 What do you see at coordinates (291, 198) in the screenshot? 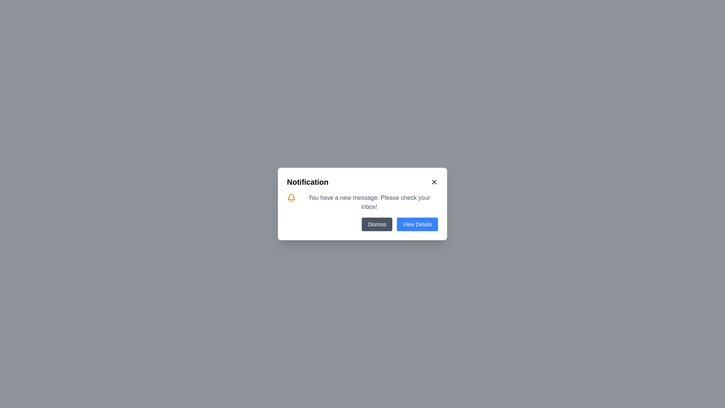
I see `the notification icon located at the top-left section of the notification pop-up, which signifies the presence of a notification` at bounding box center [291, 198].